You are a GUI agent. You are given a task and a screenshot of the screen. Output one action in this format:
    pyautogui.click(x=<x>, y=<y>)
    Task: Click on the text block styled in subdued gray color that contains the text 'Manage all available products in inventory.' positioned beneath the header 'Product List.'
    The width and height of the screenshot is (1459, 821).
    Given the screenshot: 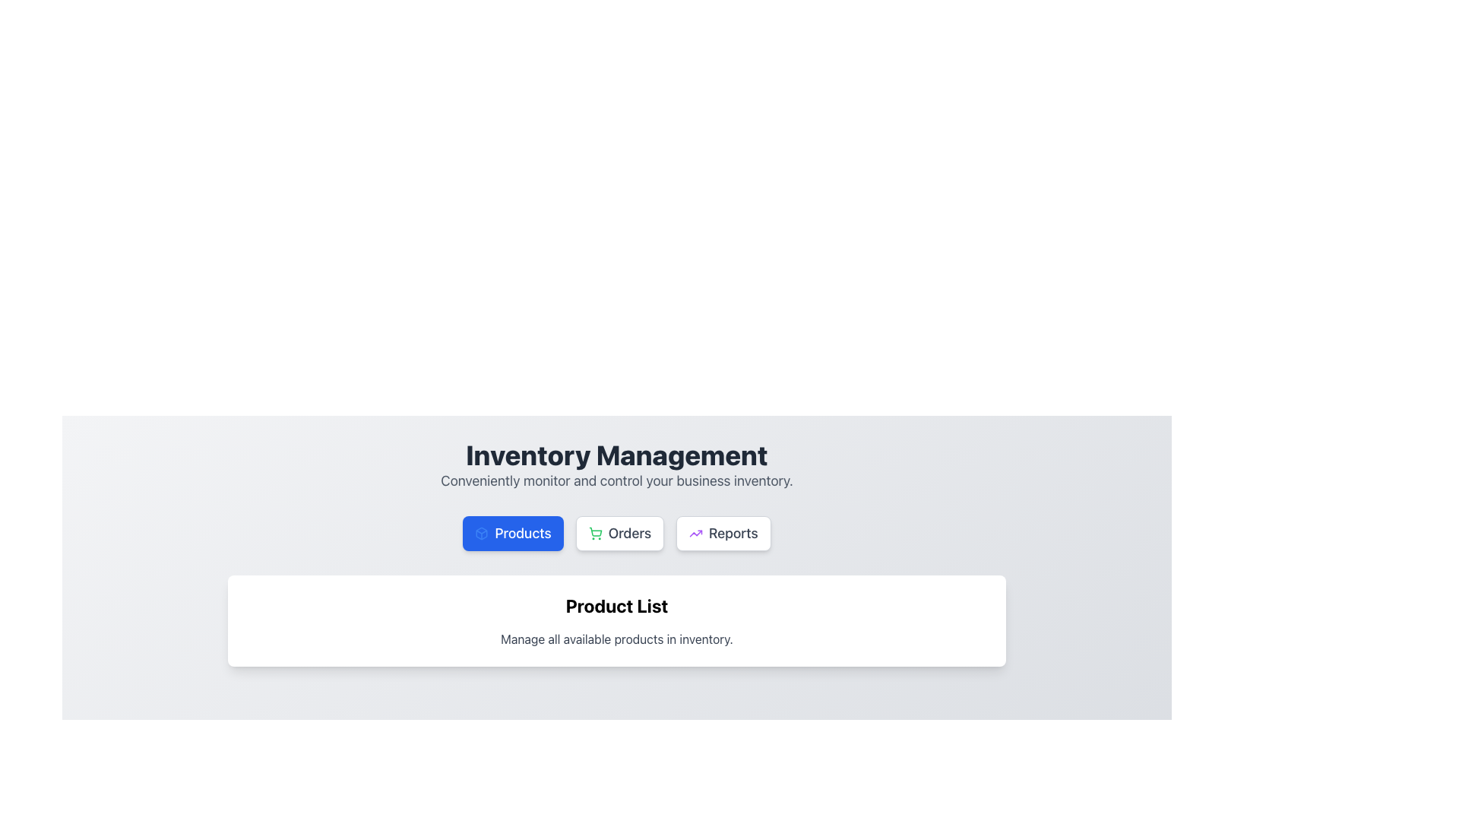 What is the action you would take?
    pyautogui.click(x=616, y=639)
    